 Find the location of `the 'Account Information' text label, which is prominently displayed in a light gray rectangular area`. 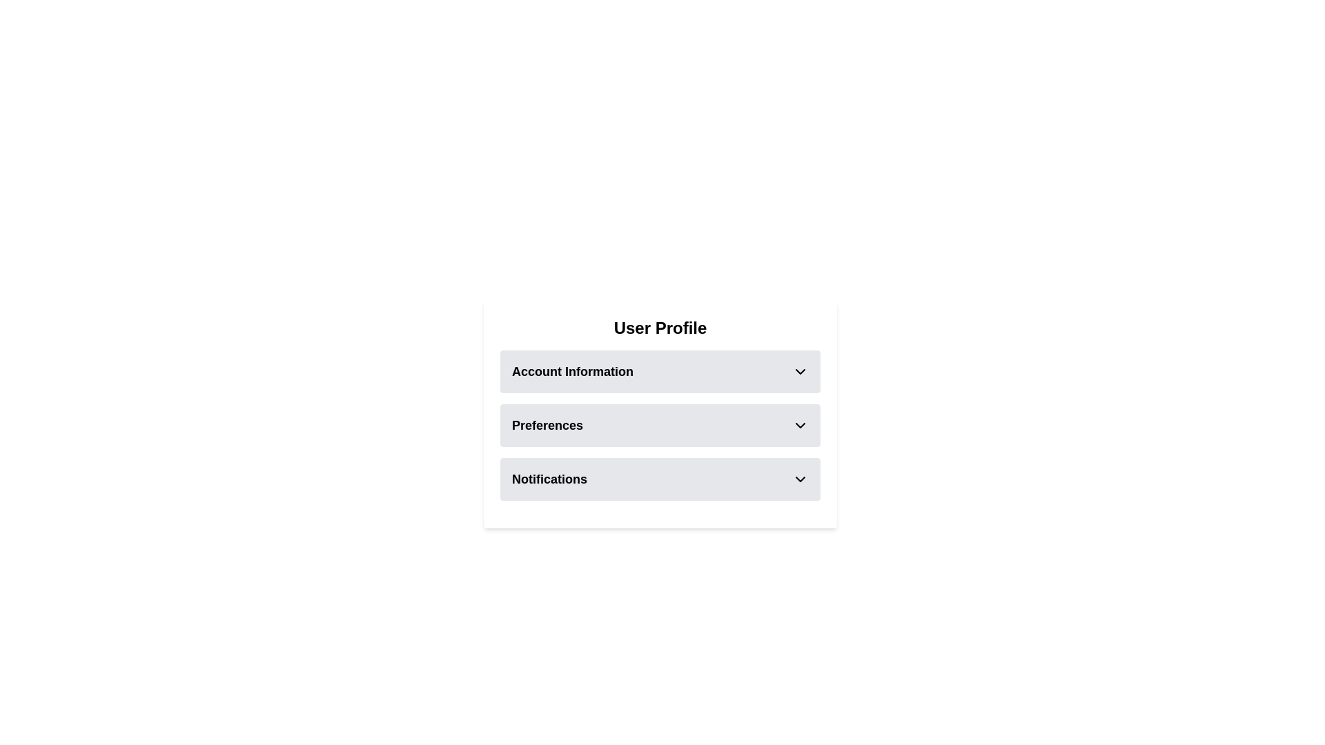

the 'Account Information' text label, which is prominently displayed in a light gray rectangular area is located at coordinates (573, 371).